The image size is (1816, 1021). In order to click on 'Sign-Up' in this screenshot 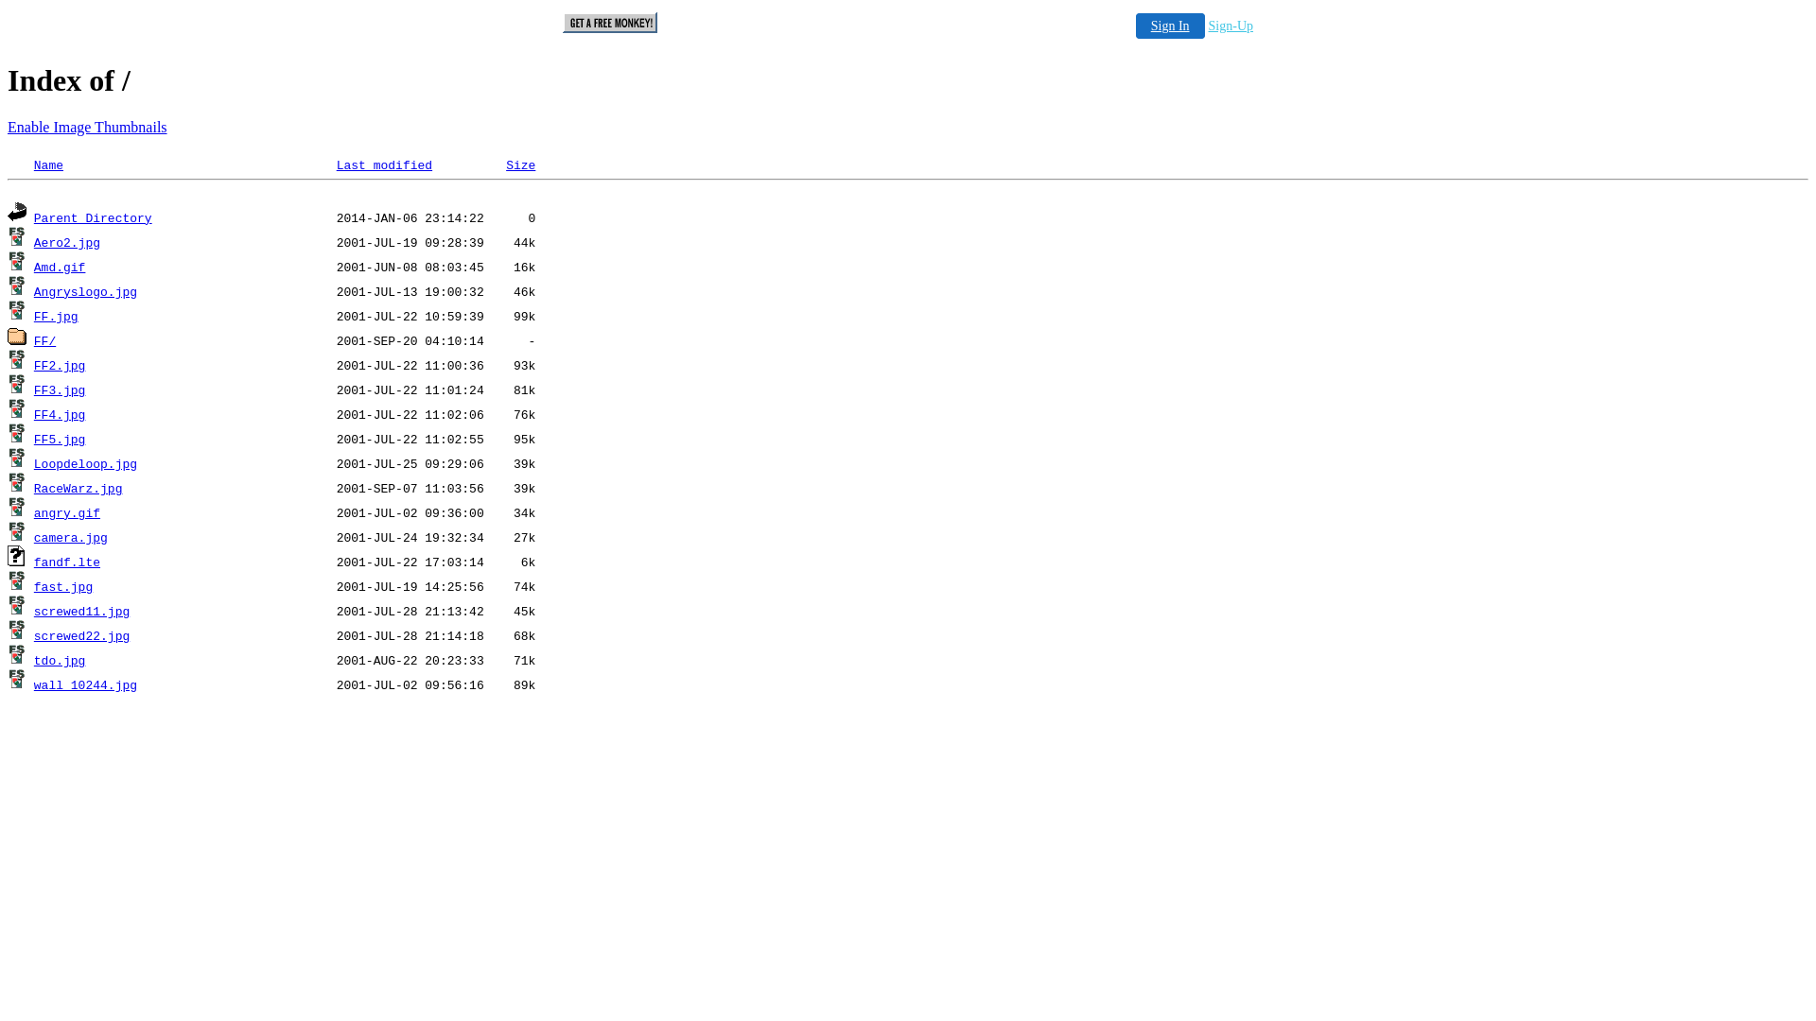, I will do `click(1231, 26)`.